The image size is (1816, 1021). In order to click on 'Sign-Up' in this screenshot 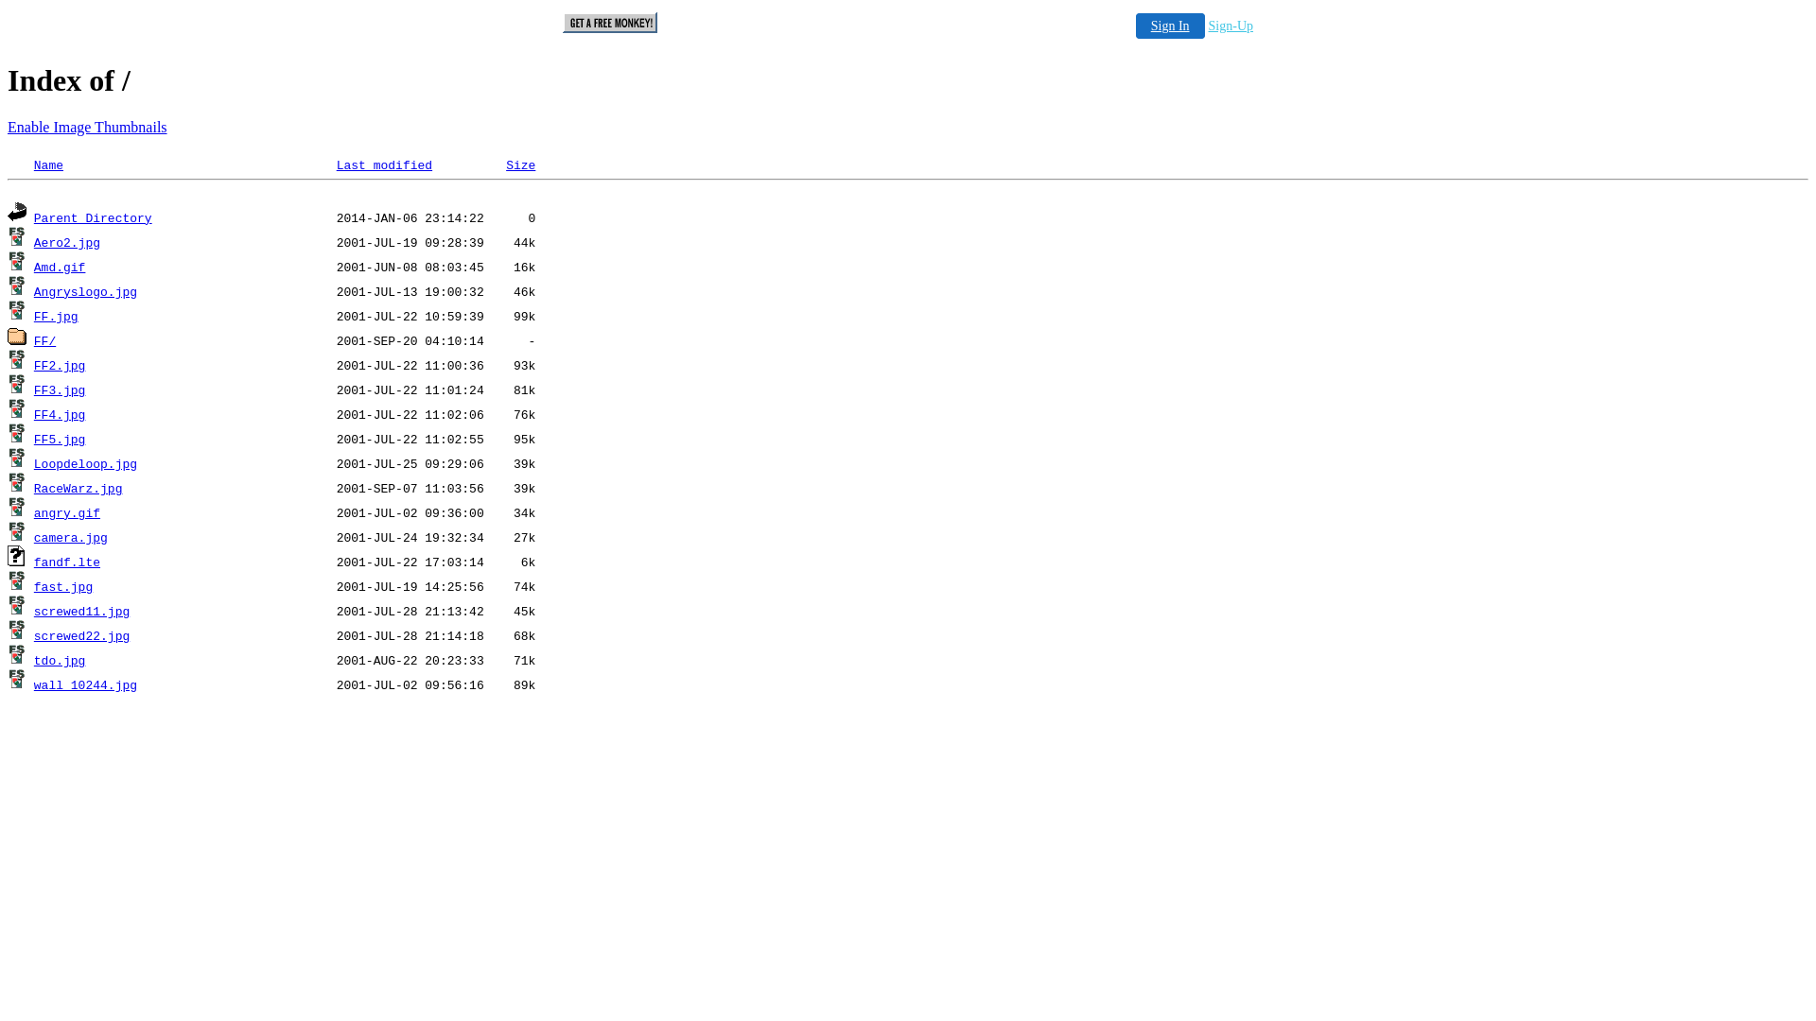, I will do `click(1231, 26)`.